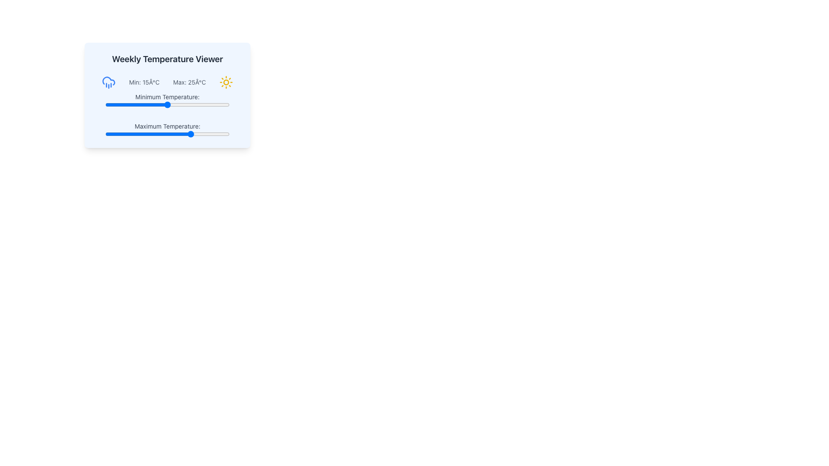 The width and height of the screenshot is (829, 466). What do you see at coordinates (107, 134) in the screenshot?
I see `the maximum temperature` at bounding box center [107, 134].